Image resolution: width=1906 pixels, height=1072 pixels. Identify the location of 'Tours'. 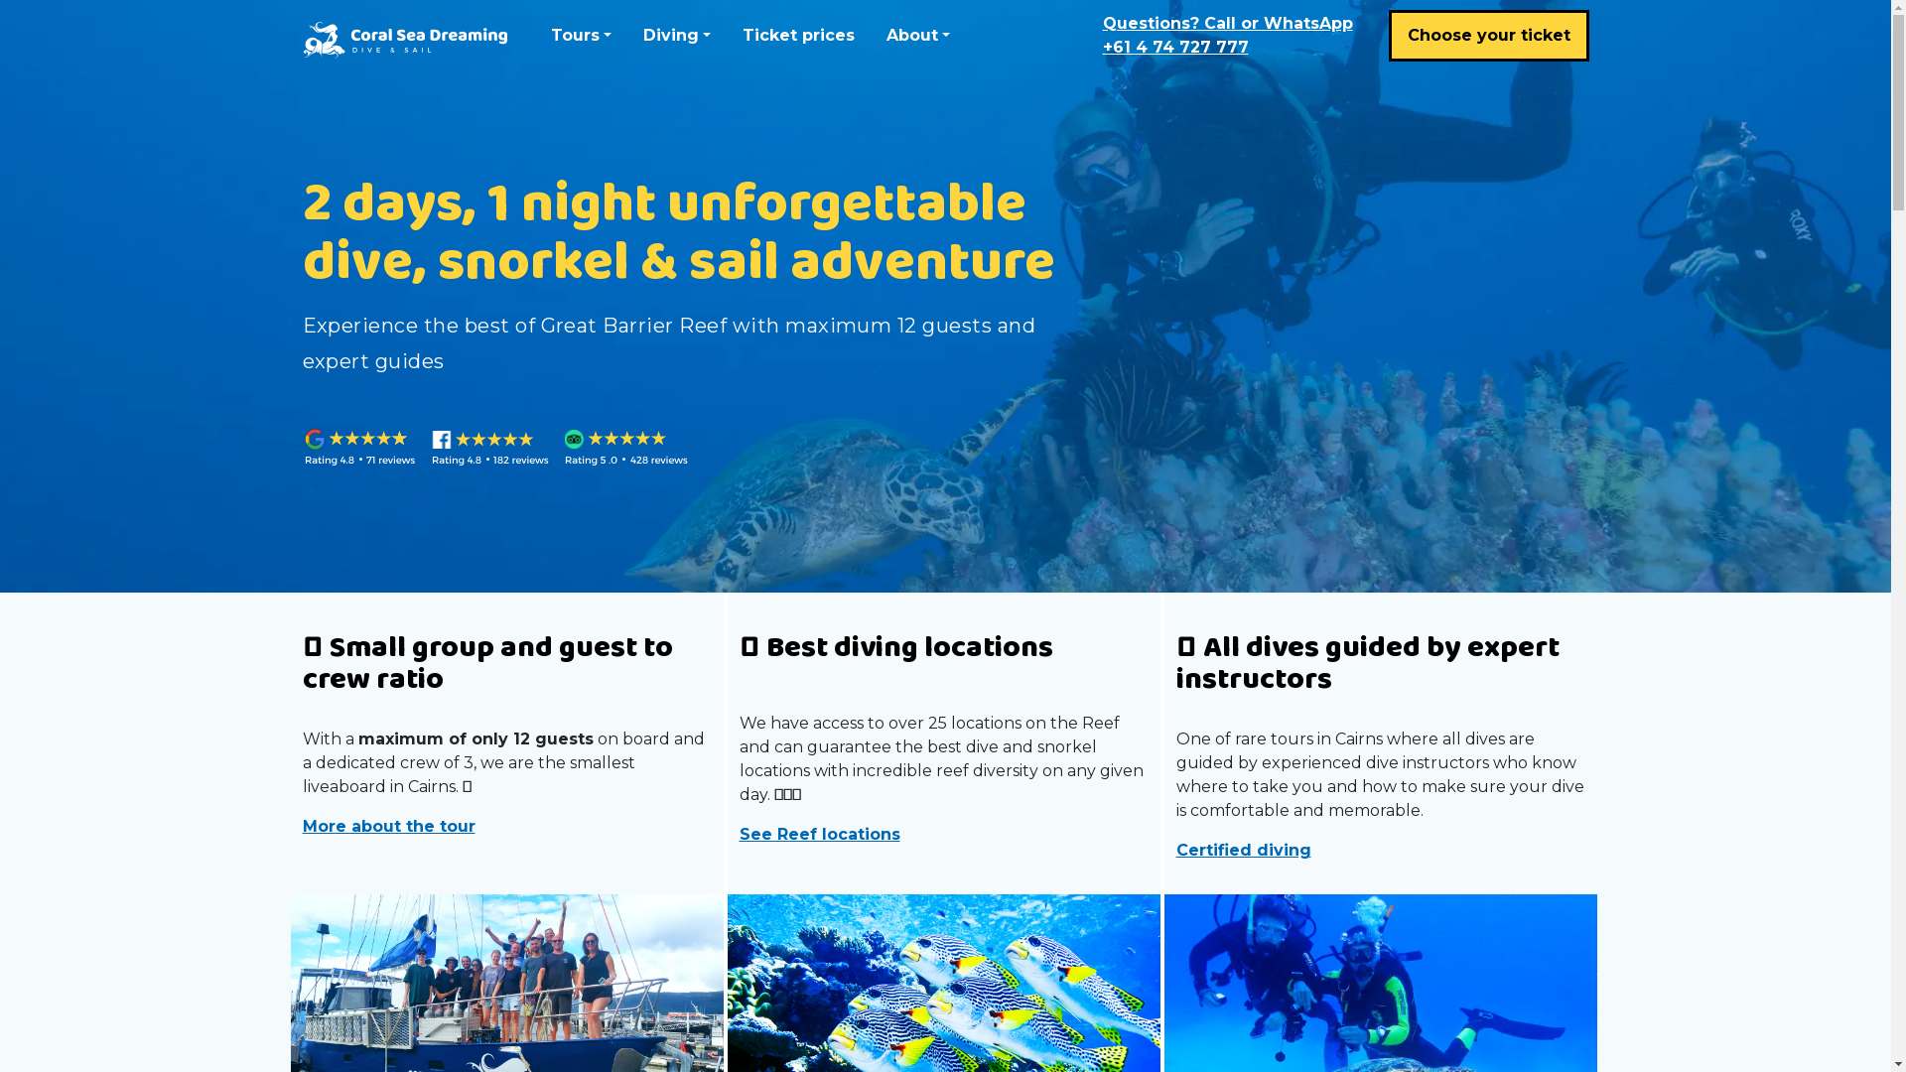
(579, 35).